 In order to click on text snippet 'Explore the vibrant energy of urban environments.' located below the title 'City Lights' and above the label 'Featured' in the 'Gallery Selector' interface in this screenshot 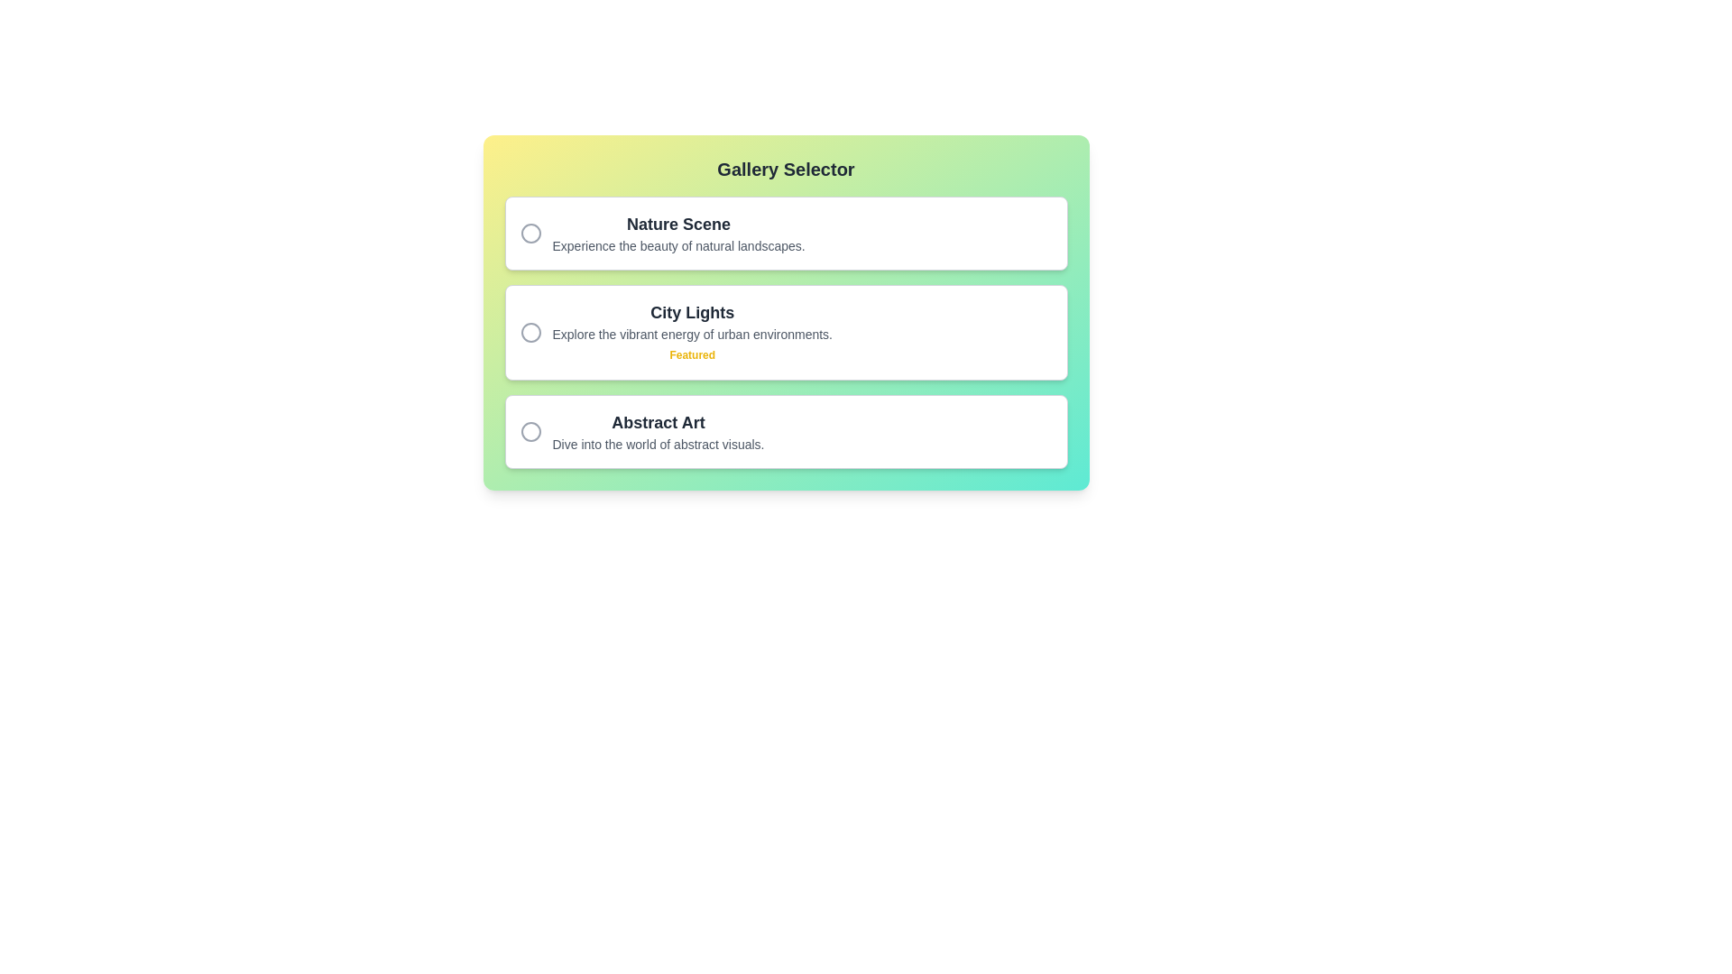, I will do `click(691, 334)`.